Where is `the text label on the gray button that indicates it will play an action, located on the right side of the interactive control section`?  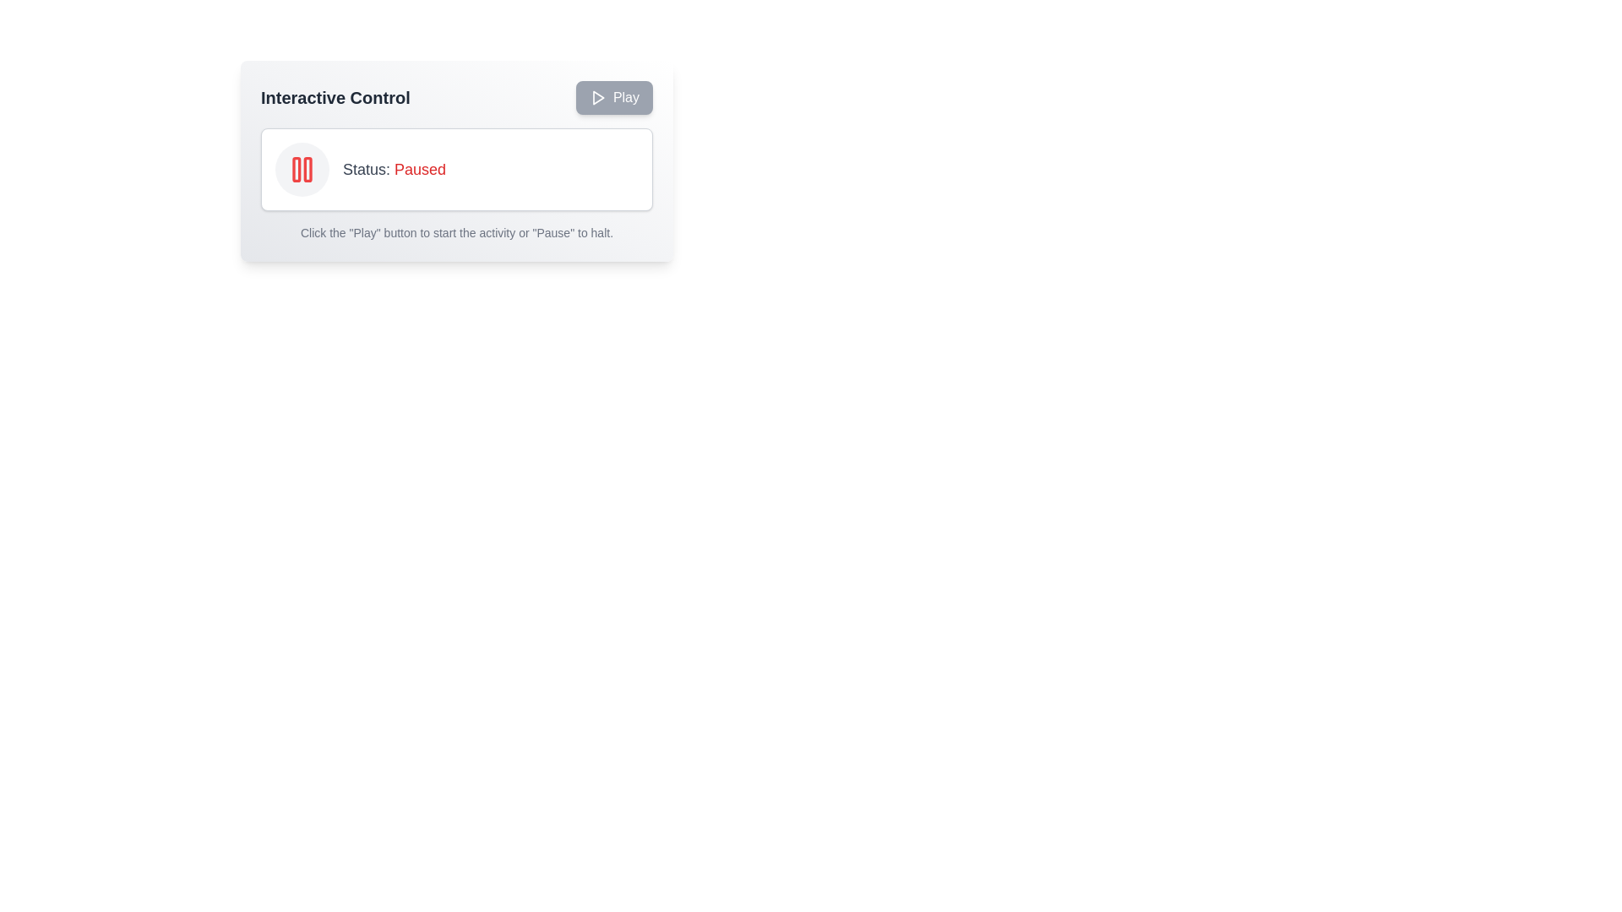
the text label on the gray button that indicates it will play an action, located on the right side of the interactive control section is located at coordinates (625, 97).